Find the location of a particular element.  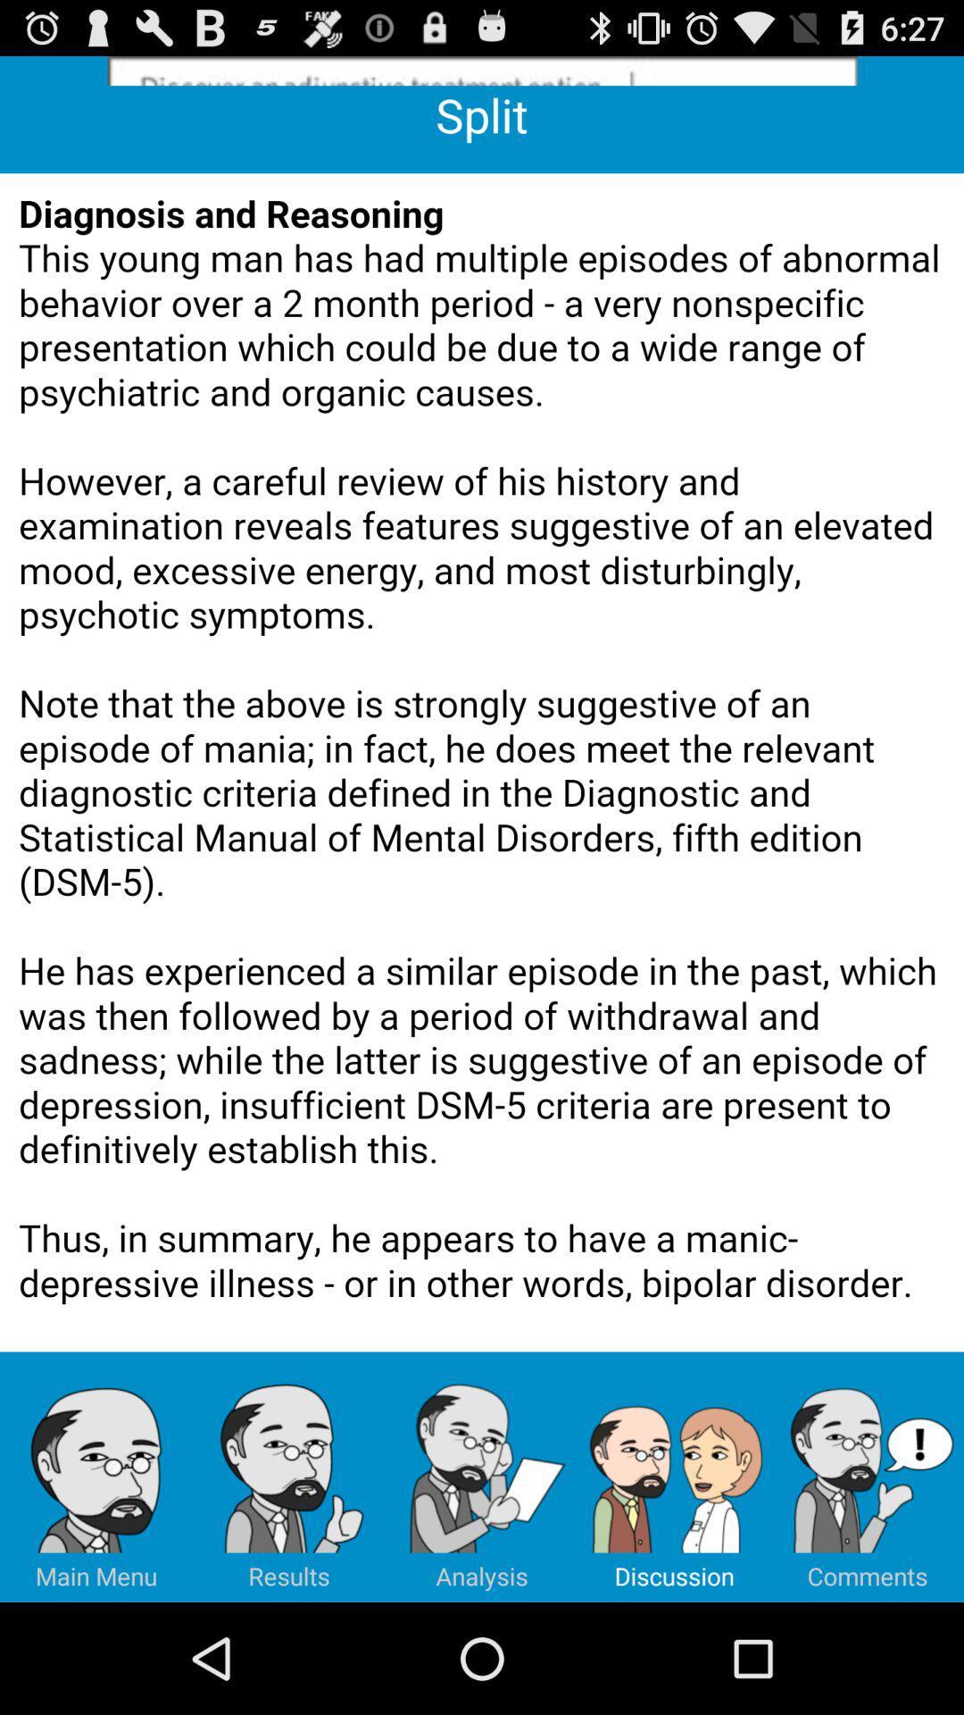

search bar is located at coordinates (482, 71).